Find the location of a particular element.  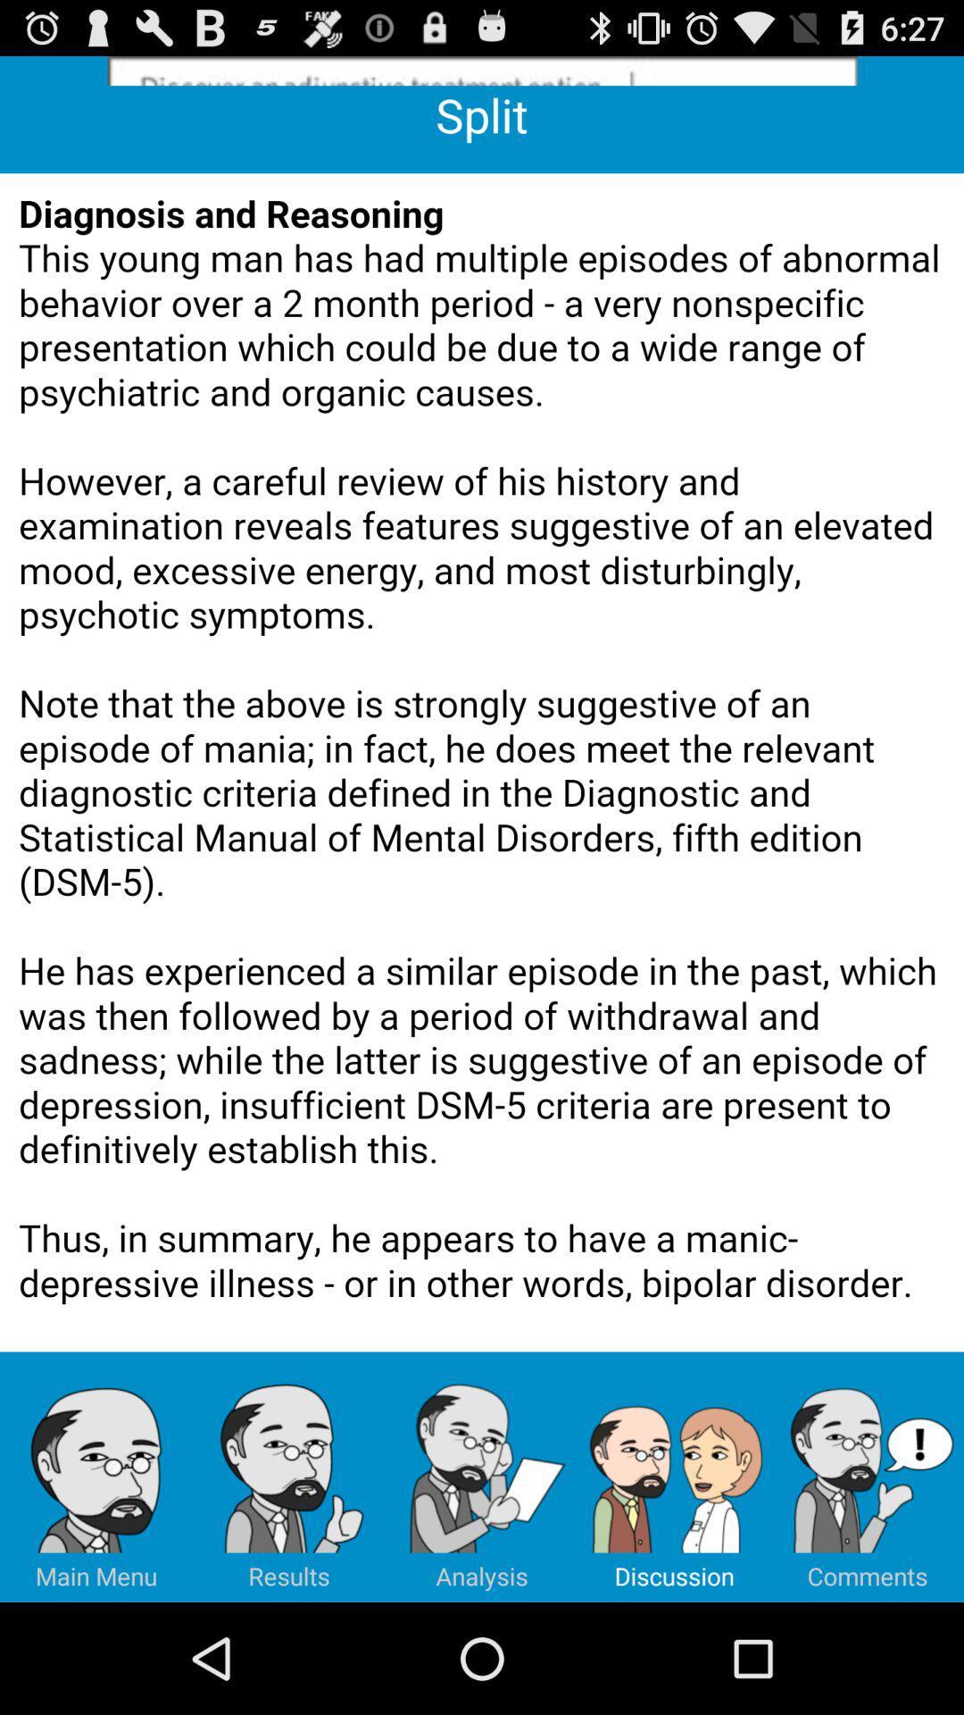

search bar is located at coordinates (482, 71).